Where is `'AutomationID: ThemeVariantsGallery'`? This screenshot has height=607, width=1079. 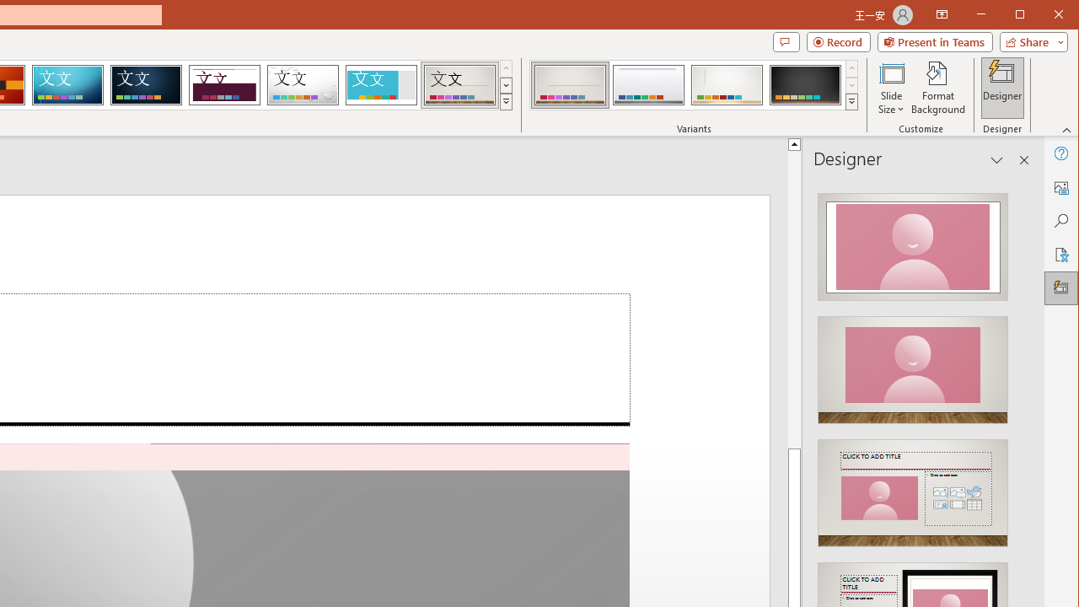 'AutomationID: ThemeVariantsGallery' is located at coordinates (695, 85).